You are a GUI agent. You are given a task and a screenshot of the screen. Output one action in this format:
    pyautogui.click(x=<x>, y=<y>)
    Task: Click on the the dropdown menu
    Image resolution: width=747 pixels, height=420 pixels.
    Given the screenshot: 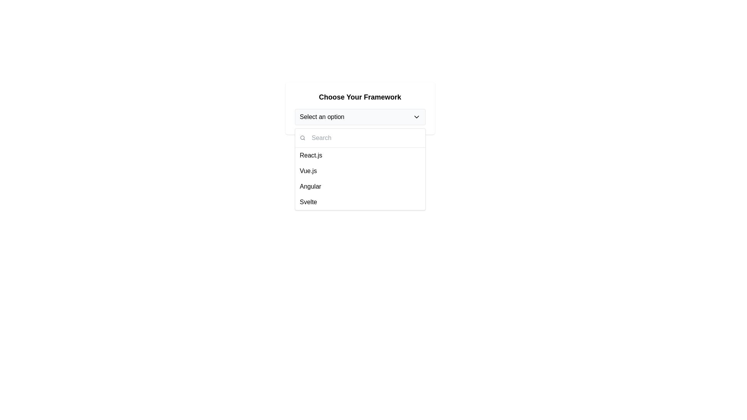 What is the action you would take?
    pyautogui.click(x=359, y=169)
    